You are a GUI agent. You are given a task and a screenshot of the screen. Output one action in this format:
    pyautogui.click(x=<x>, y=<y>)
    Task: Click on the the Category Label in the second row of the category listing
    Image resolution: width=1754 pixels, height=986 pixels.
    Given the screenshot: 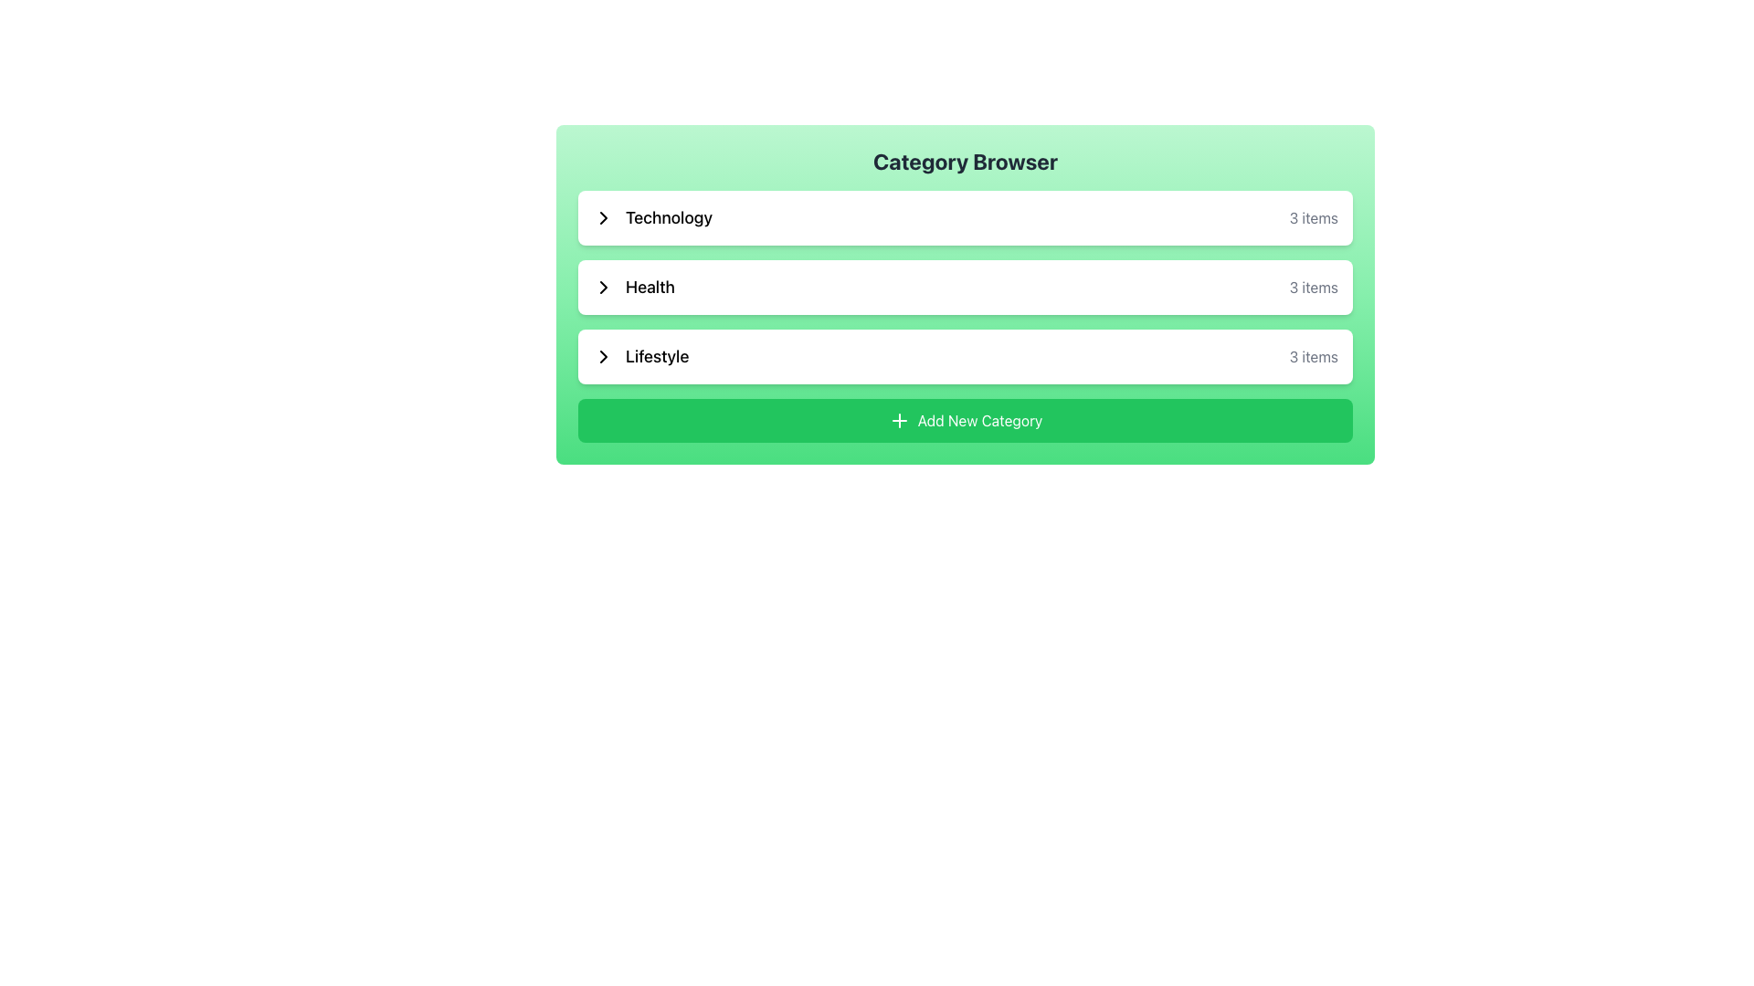 What is the action you would take?
    pyautogui.click(x=633, y=288)
    